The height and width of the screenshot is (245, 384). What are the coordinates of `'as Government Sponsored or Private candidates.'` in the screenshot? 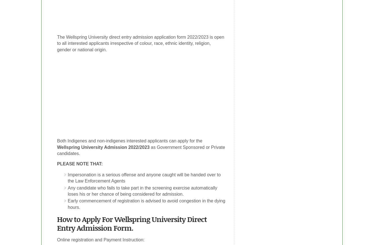 It's located at (141, 150).